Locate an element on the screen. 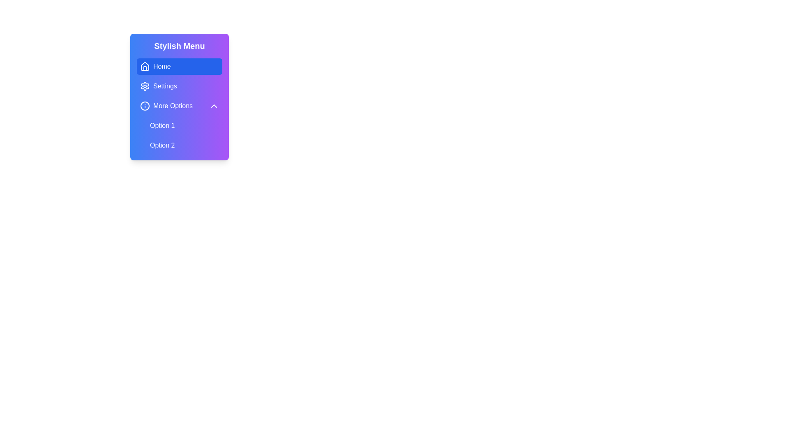  the SVG Circle located beside the 'More Options' text, which is a circular shape with a thin stroke line and no visible fill is located at coordinates (145, 106).